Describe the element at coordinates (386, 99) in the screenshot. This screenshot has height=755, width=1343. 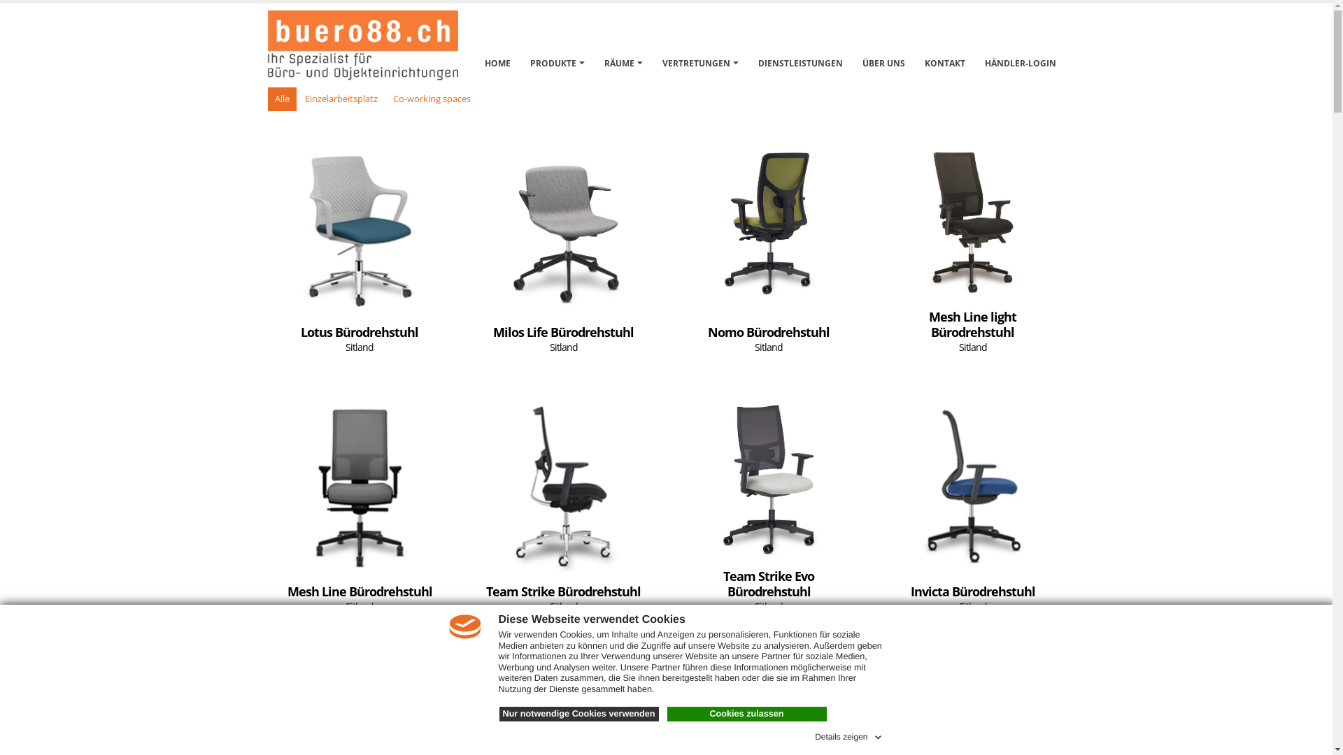
I see `'Co-working spaces'` at that location.